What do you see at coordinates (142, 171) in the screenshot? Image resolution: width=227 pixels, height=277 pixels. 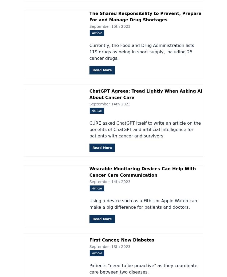 I see `'Wearable Monitoring Devices Can Help With Cancer Care Communication'` at bounding box center [142, 171].